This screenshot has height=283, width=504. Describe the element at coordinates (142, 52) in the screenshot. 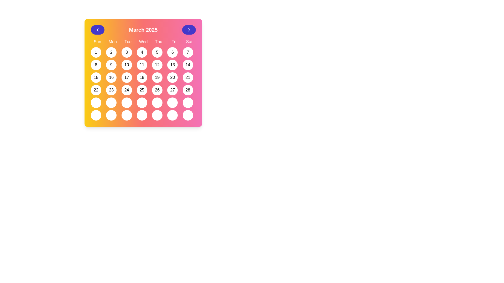

I see `the interactive calendar day button displaying the number '4'` at that location.